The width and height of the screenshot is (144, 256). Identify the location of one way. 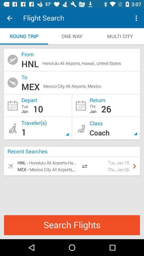
(72, 36).